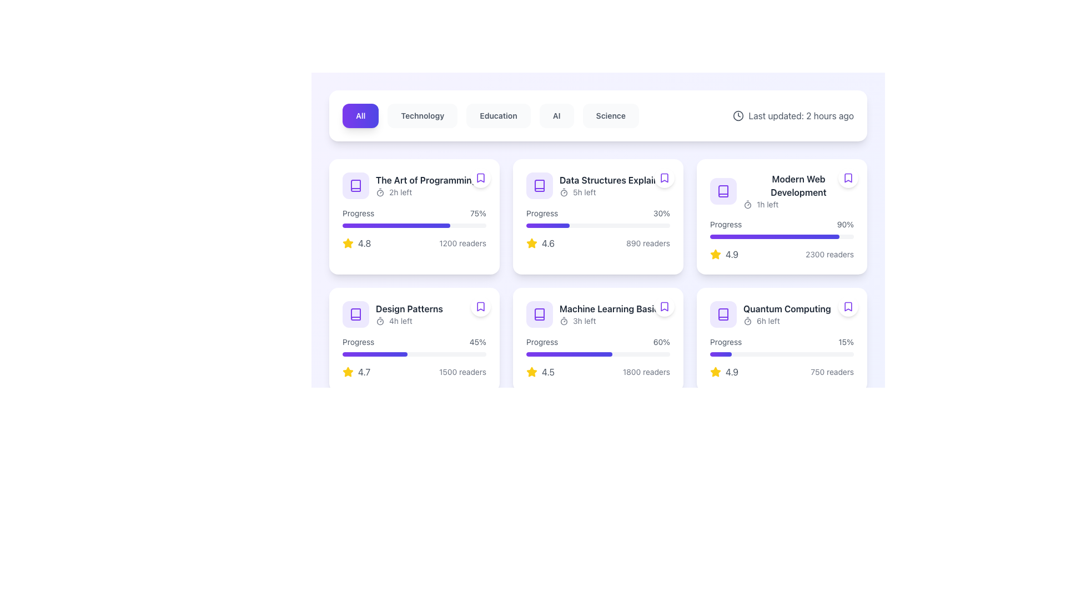 The width and height of the screenshot is (1066, 599). I want to click on the label displaying '90%' that is right-aligned and positioned next to the 'Progress' text in the content card for 'Modern Web Development', so click(844, 225).